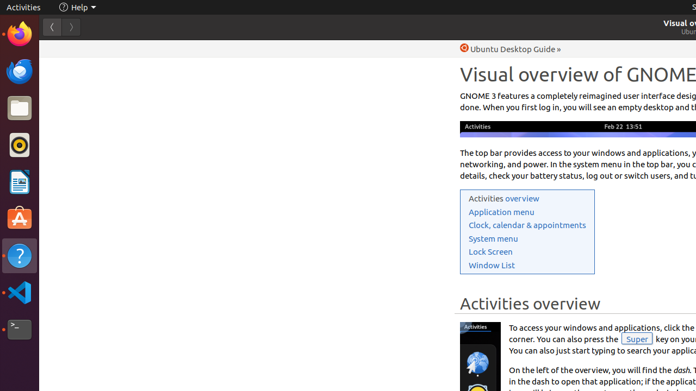  I want to click on 'Firefox Web Browser', so click(19, 33).